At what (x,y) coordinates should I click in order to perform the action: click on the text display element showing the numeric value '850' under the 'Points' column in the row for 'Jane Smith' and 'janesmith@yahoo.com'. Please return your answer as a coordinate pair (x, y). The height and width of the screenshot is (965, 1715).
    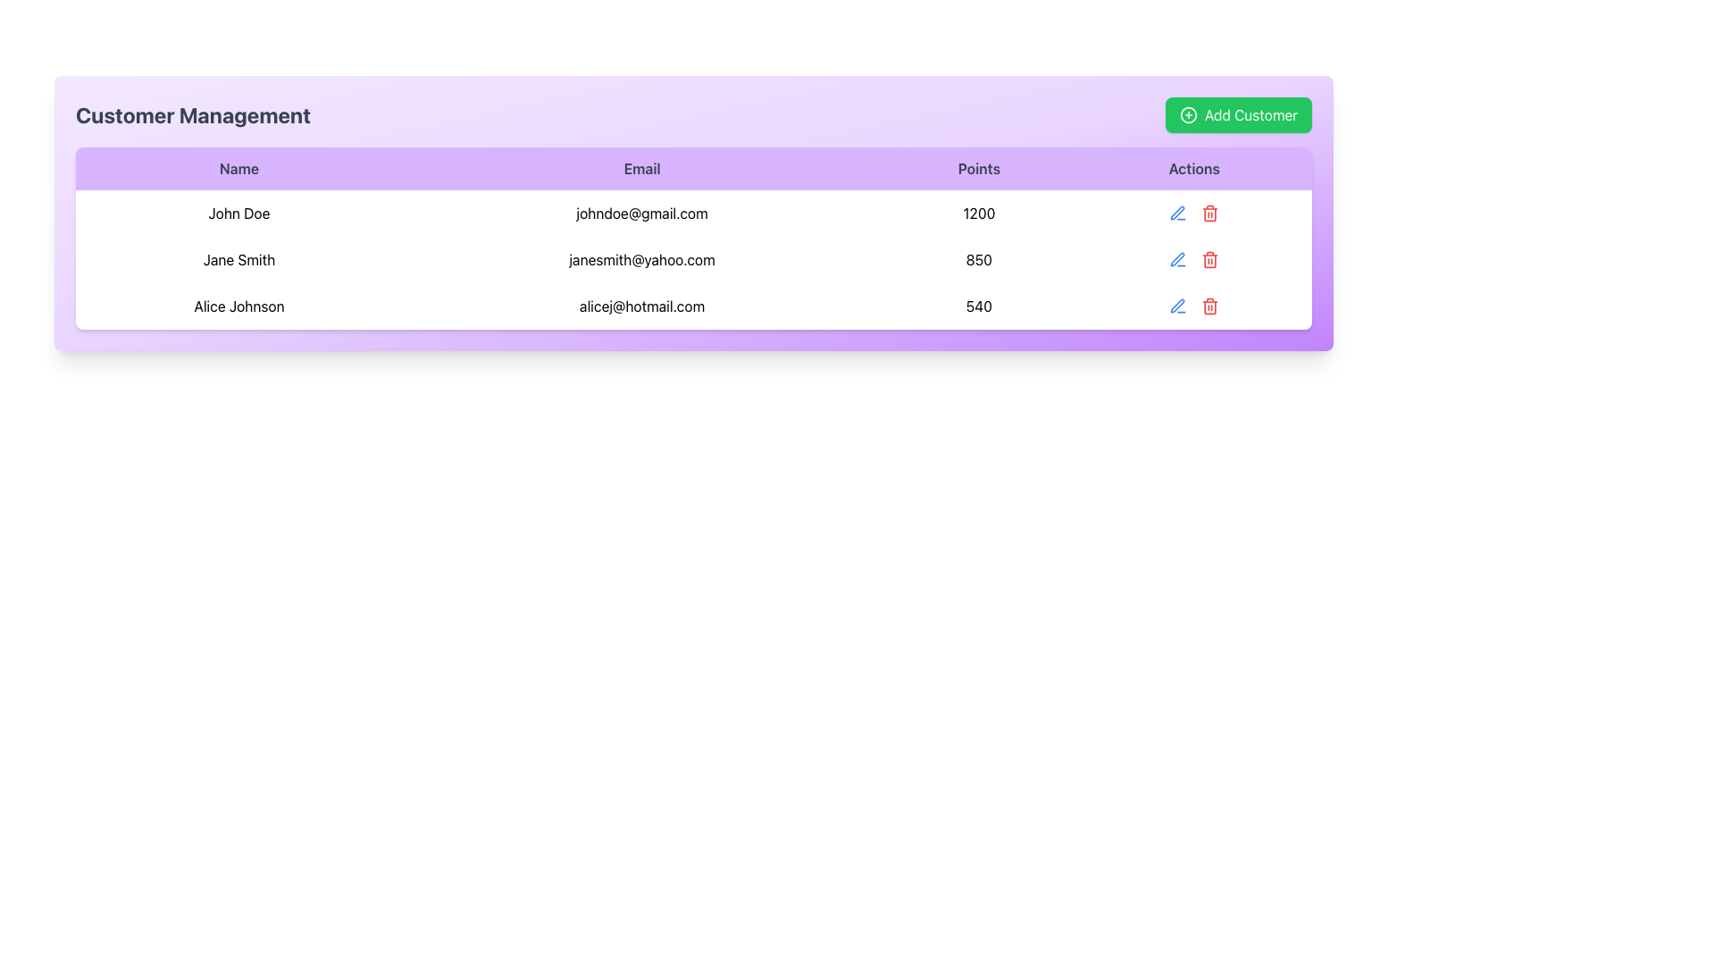
    Looking at the image, I should click on (978, 259).